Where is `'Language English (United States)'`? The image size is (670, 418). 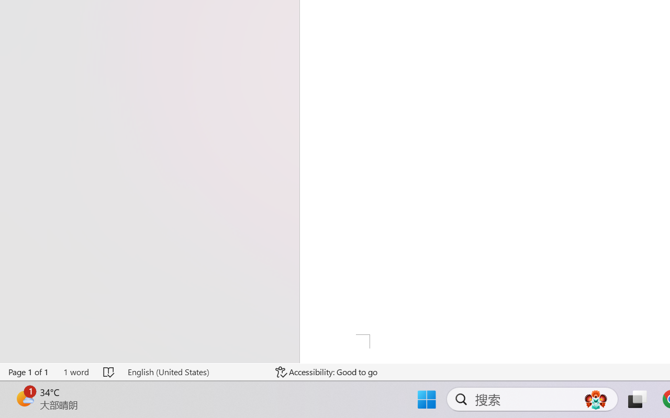
'Language English (United States)' is located at coordinates (194, 371).